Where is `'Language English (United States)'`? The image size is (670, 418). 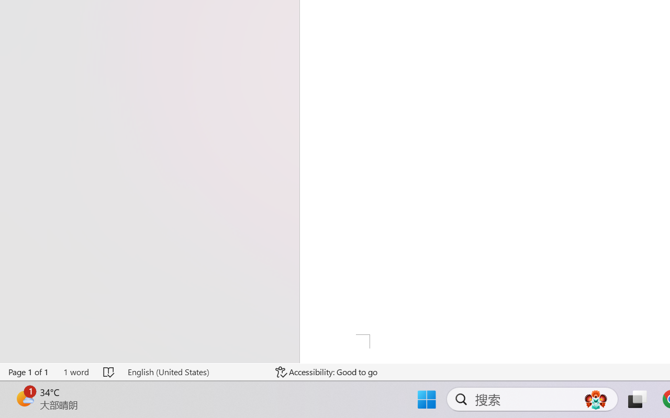
'Language English (United States)' is located at coordinates (194, 371).